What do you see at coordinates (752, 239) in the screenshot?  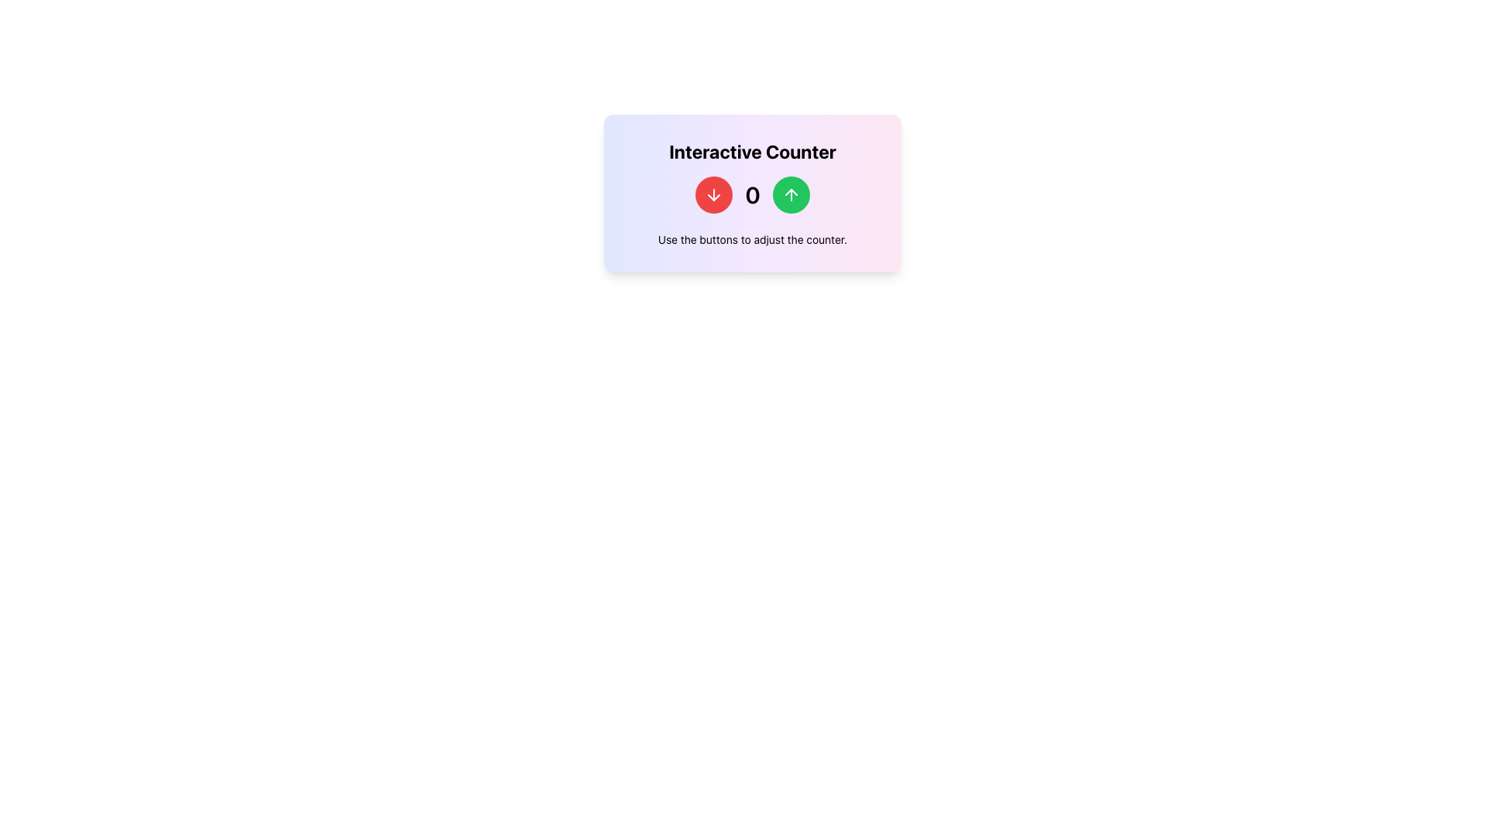 I see `the static text label that provides instructions to the user, located at the bottom edge of the card layout, following the interactive counter buttons` at bounding box center [752, 239].